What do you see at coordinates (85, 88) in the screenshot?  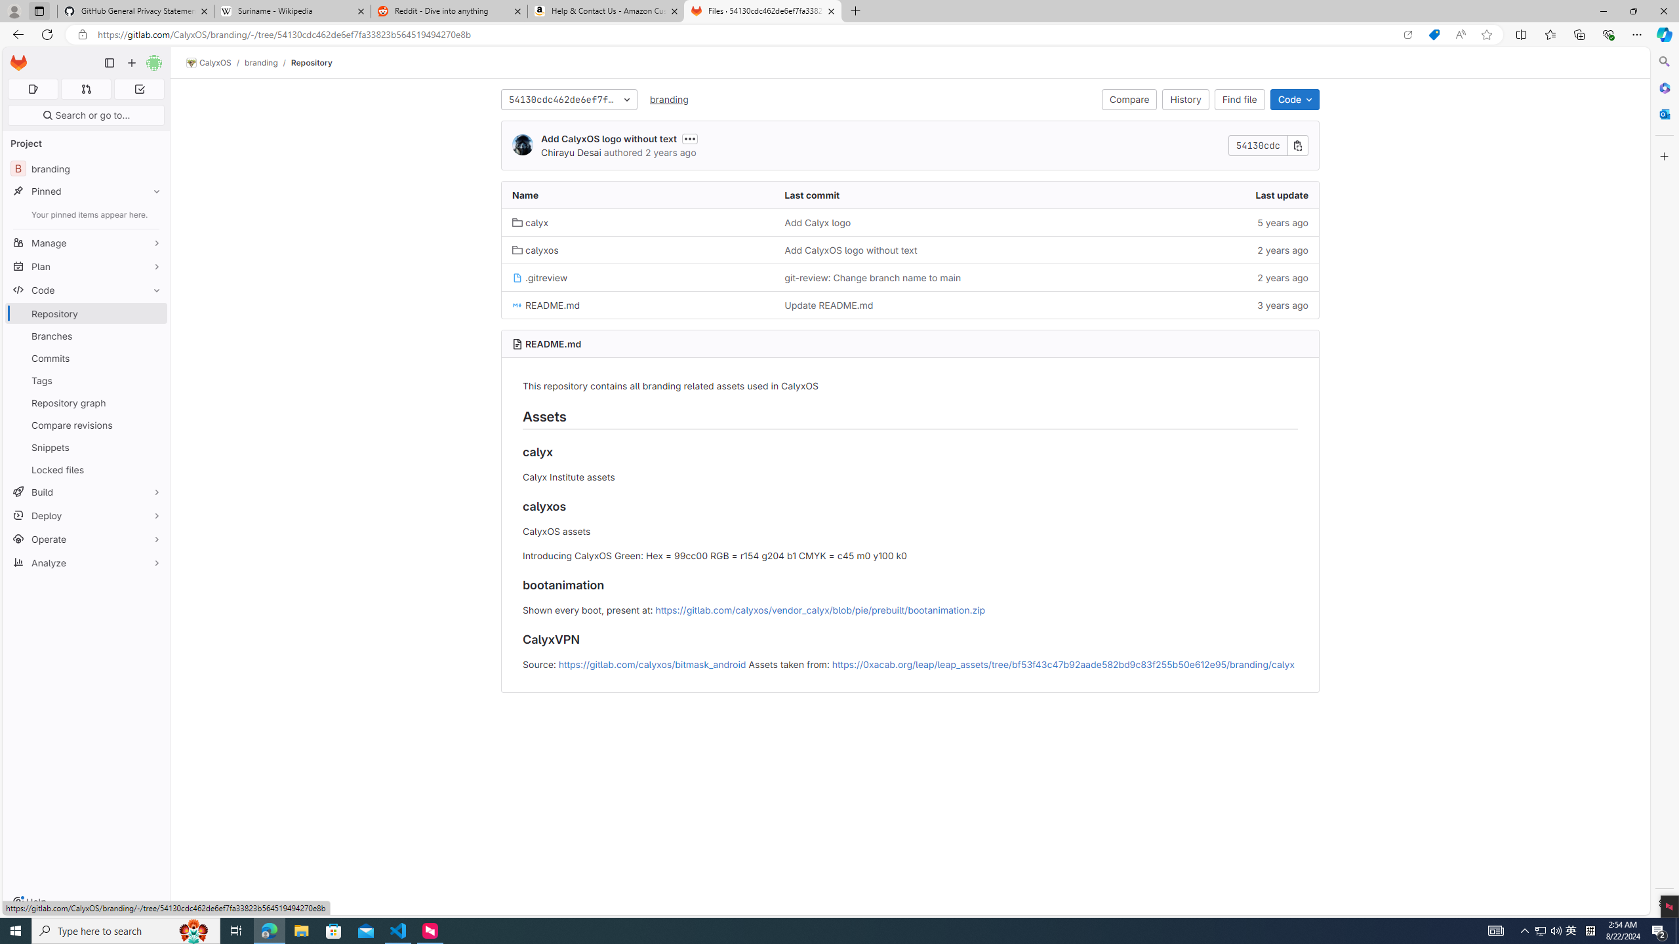 I see `'Merge requests 0'` at bounding box center [85, 88].